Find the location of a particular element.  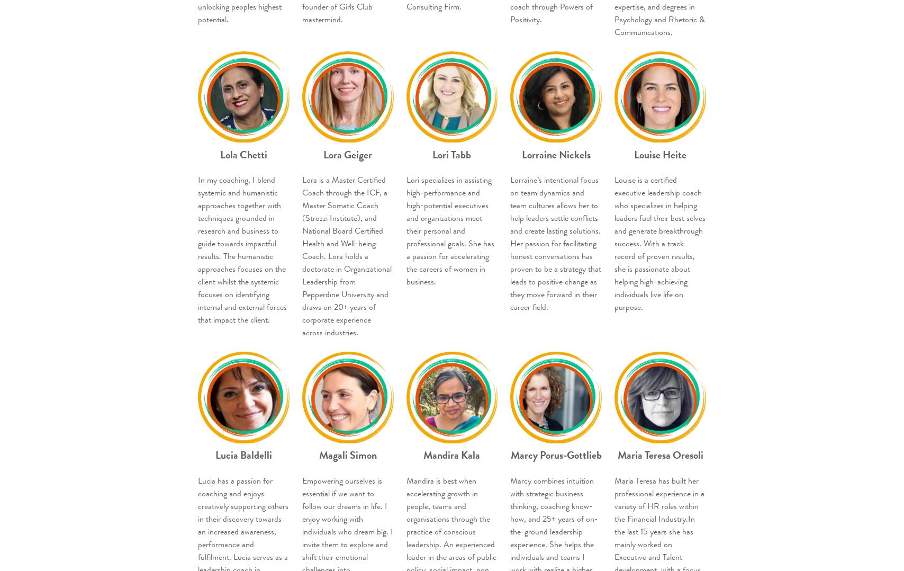

'Louise is a certified executive leadership coach who specializes in helping leaders fuel their best selves and generate breakthrough success. With a track record of proven results, she is passionate about helping high-achieving individuals live life on purpose.' is located at coordinates (660, 243).